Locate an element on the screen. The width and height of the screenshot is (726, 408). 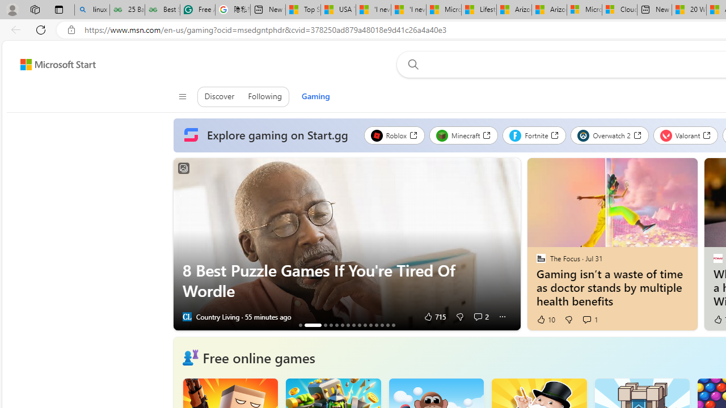
'AutomationID: tab_nativead-infopane-11' is located at coordinates (370, 325).